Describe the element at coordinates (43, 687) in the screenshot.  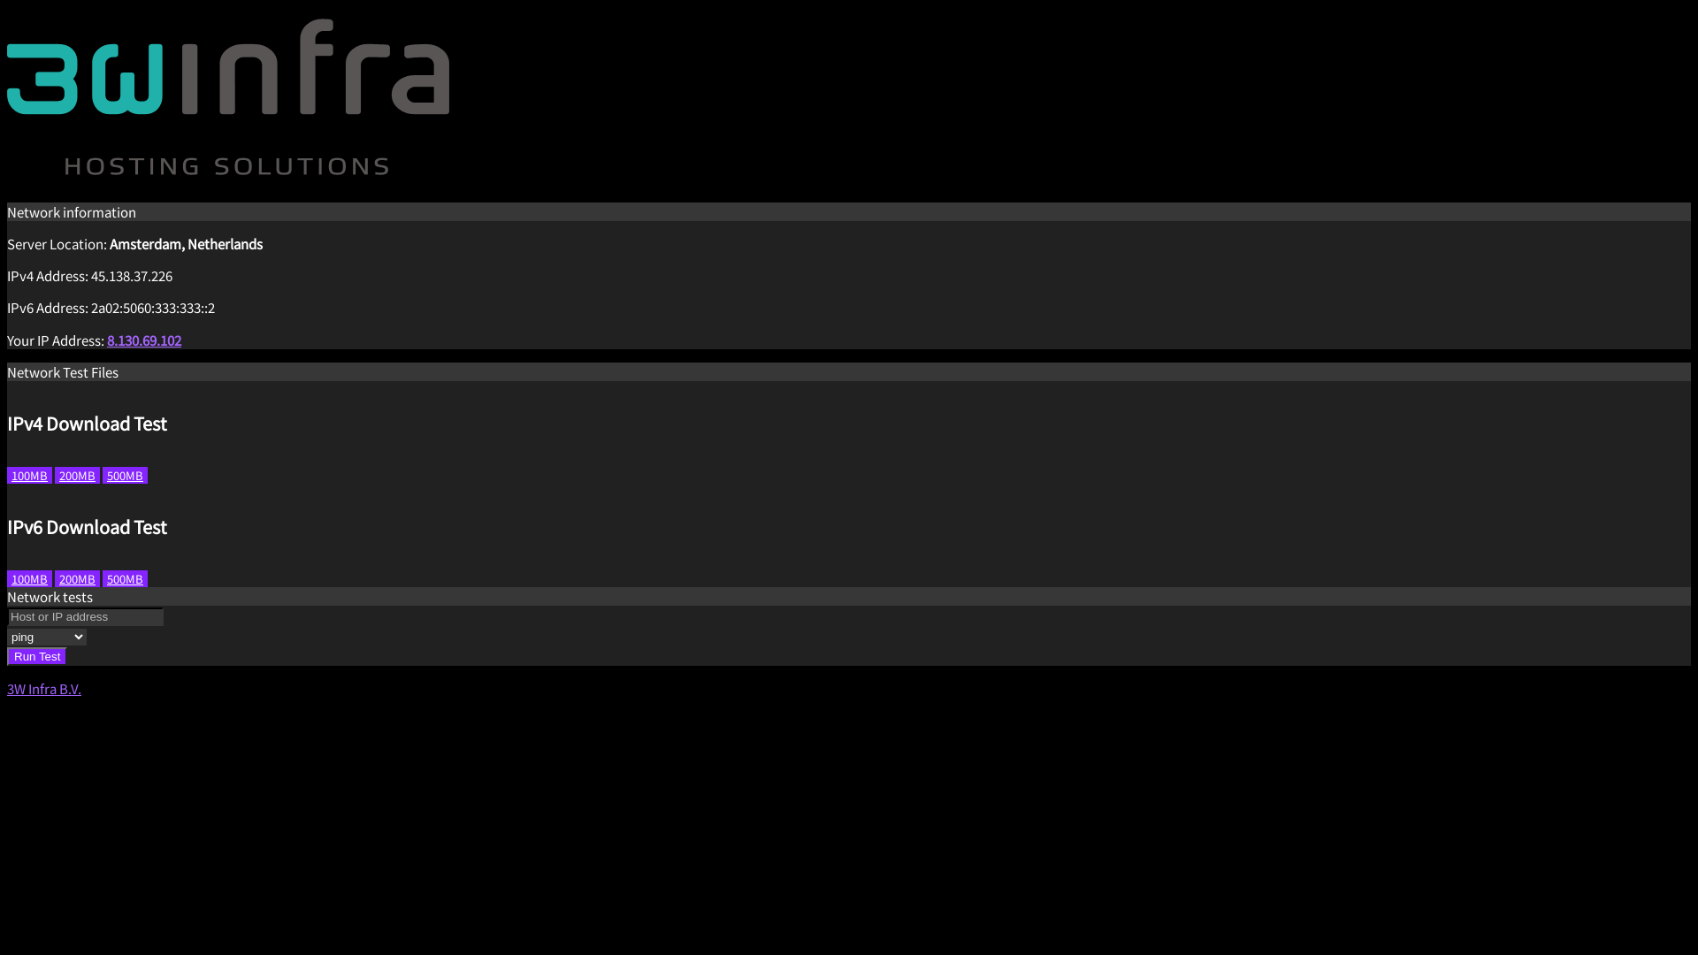
I see `'3W Infra B.V.'` at that location.